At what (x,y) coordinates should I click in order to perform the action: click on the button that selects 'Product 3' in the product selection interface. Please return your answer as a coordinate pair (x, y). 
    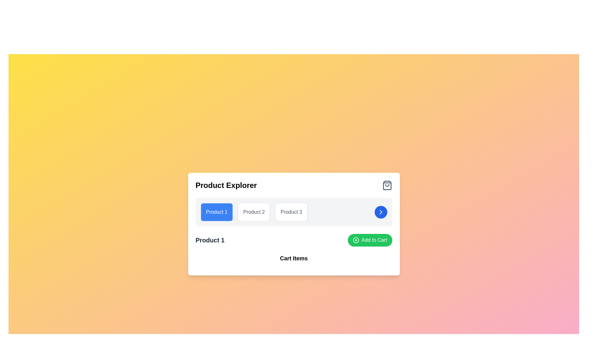
    Looking at the image, I should click on (291, 212).